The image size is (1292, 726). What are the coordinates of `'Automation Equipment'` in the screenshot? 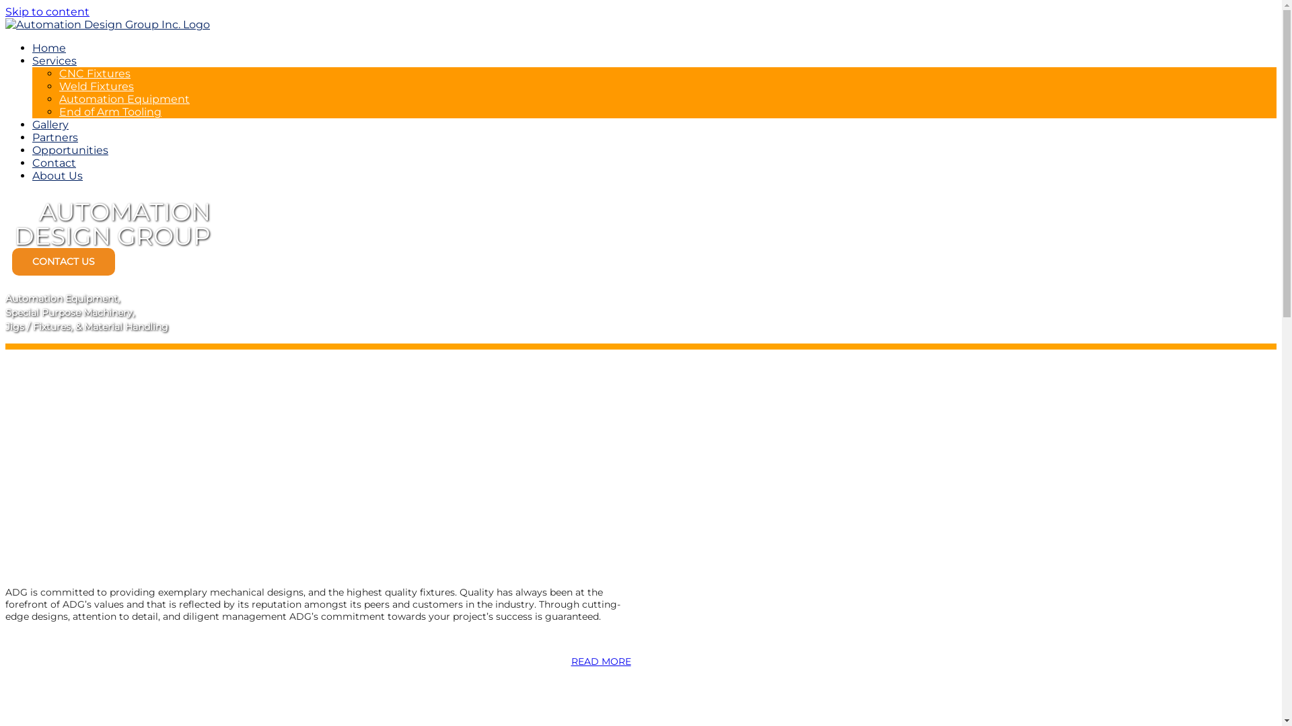 It's located at (124, 98).